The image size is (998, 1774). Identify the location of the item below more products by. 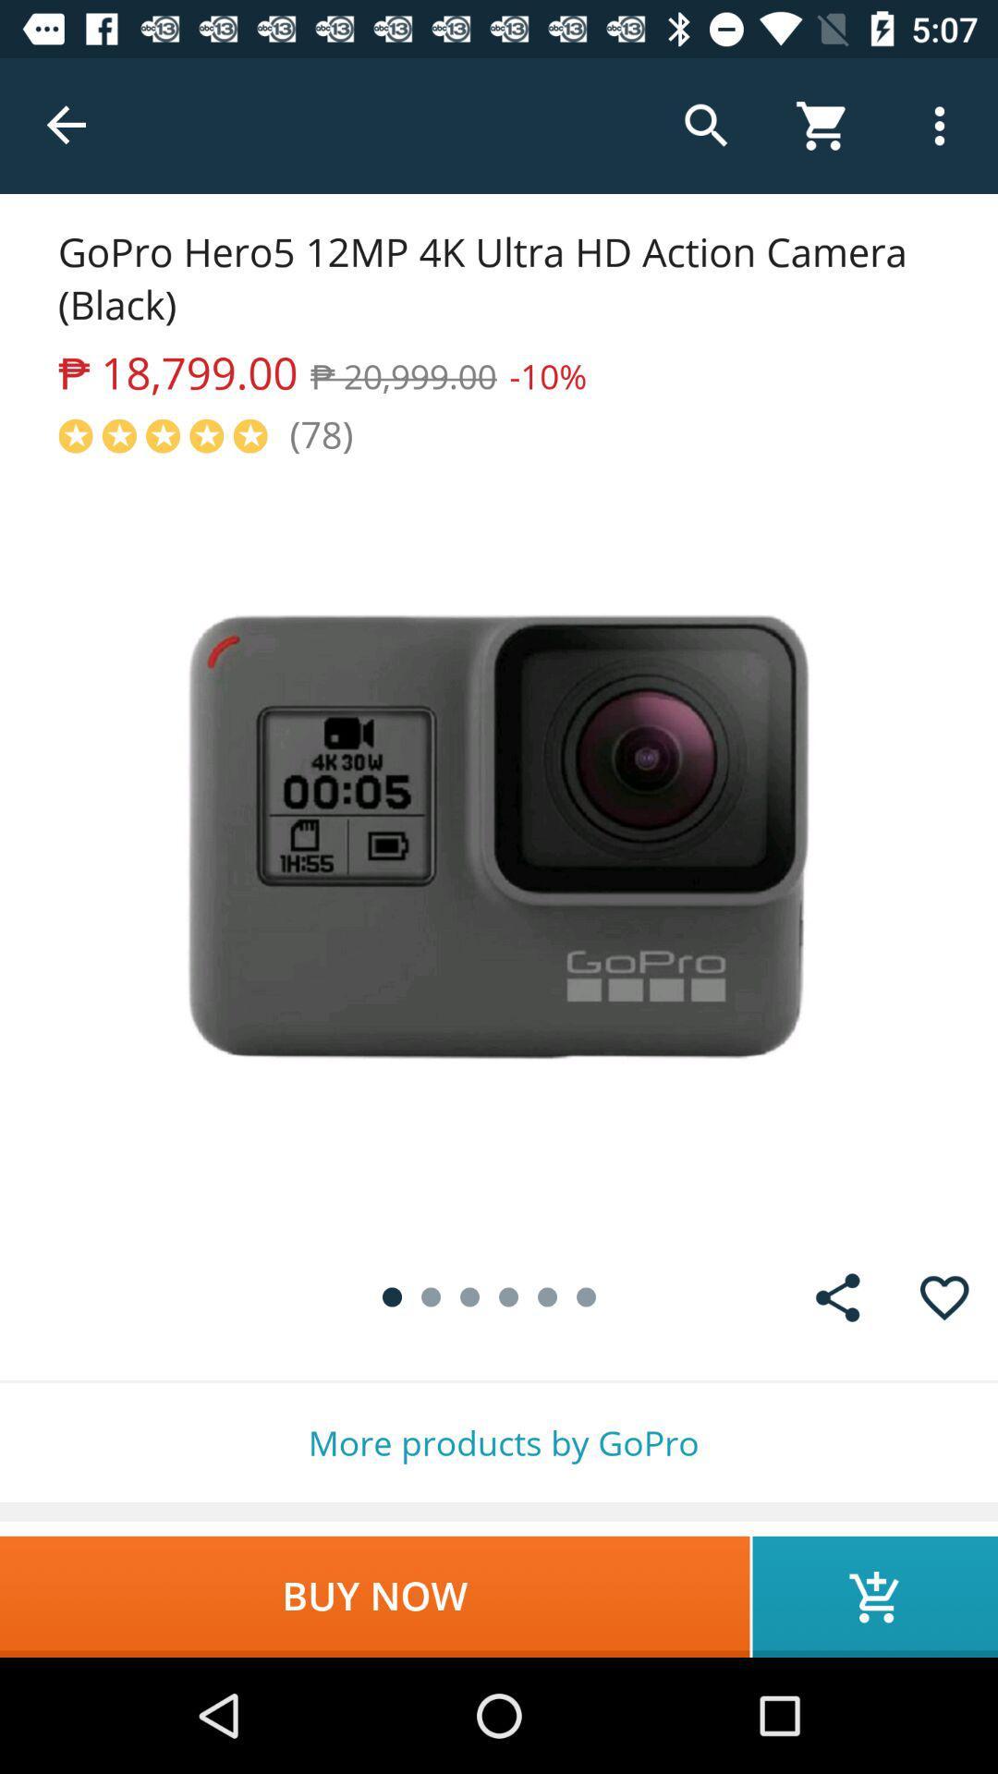
(374, 1596).